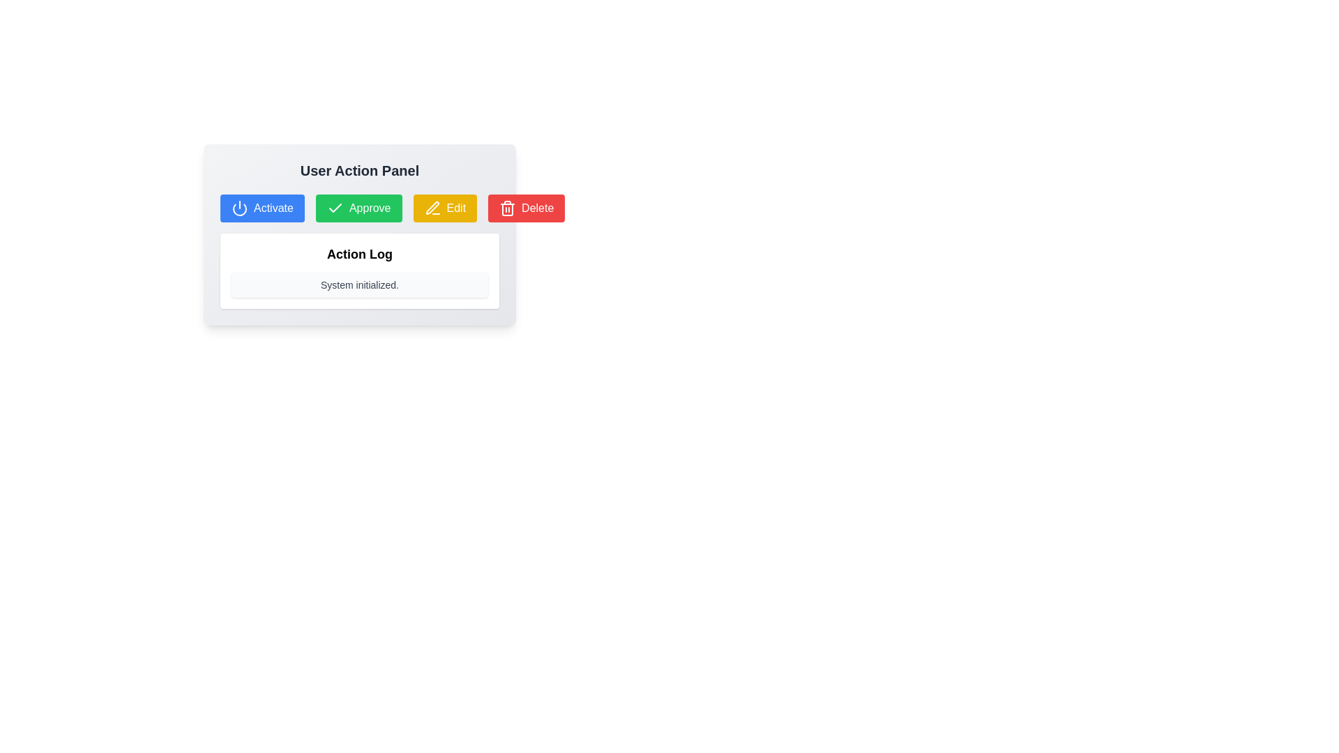 Image resolution: width=1339 pixels, height=753 pixels. What do you see at coordinates (359, 170) in the screenshot?
I see `the text label that serves as the title for the 'User Action Panel', positioned at the upper section of the panel` at bounding box center [359, 170].